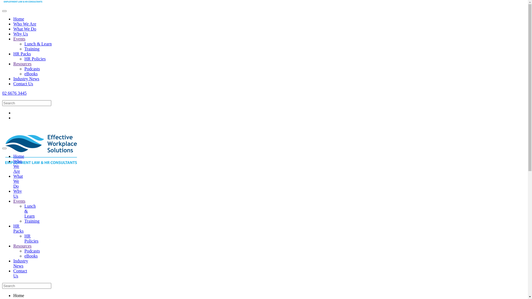 This screenshot has height=299, width=532. I want to click on 'Lunch & Learn', so click(30, 211).